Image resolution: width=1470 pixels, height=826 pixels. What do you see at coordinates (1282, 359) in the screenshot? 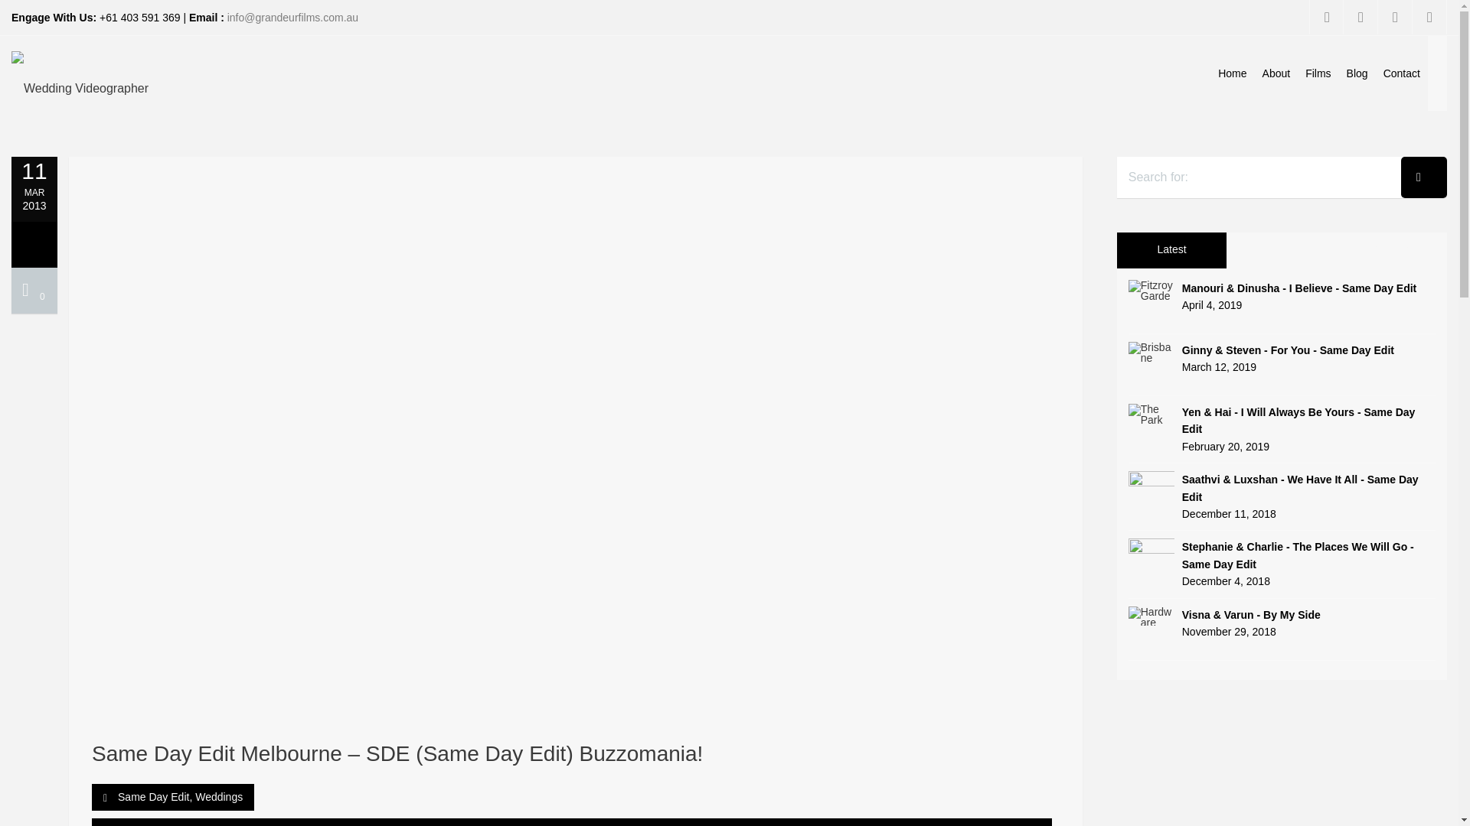
I see `'Ginny & Steven - For You - Same Day Edit` at bounding box center [1282, 359].